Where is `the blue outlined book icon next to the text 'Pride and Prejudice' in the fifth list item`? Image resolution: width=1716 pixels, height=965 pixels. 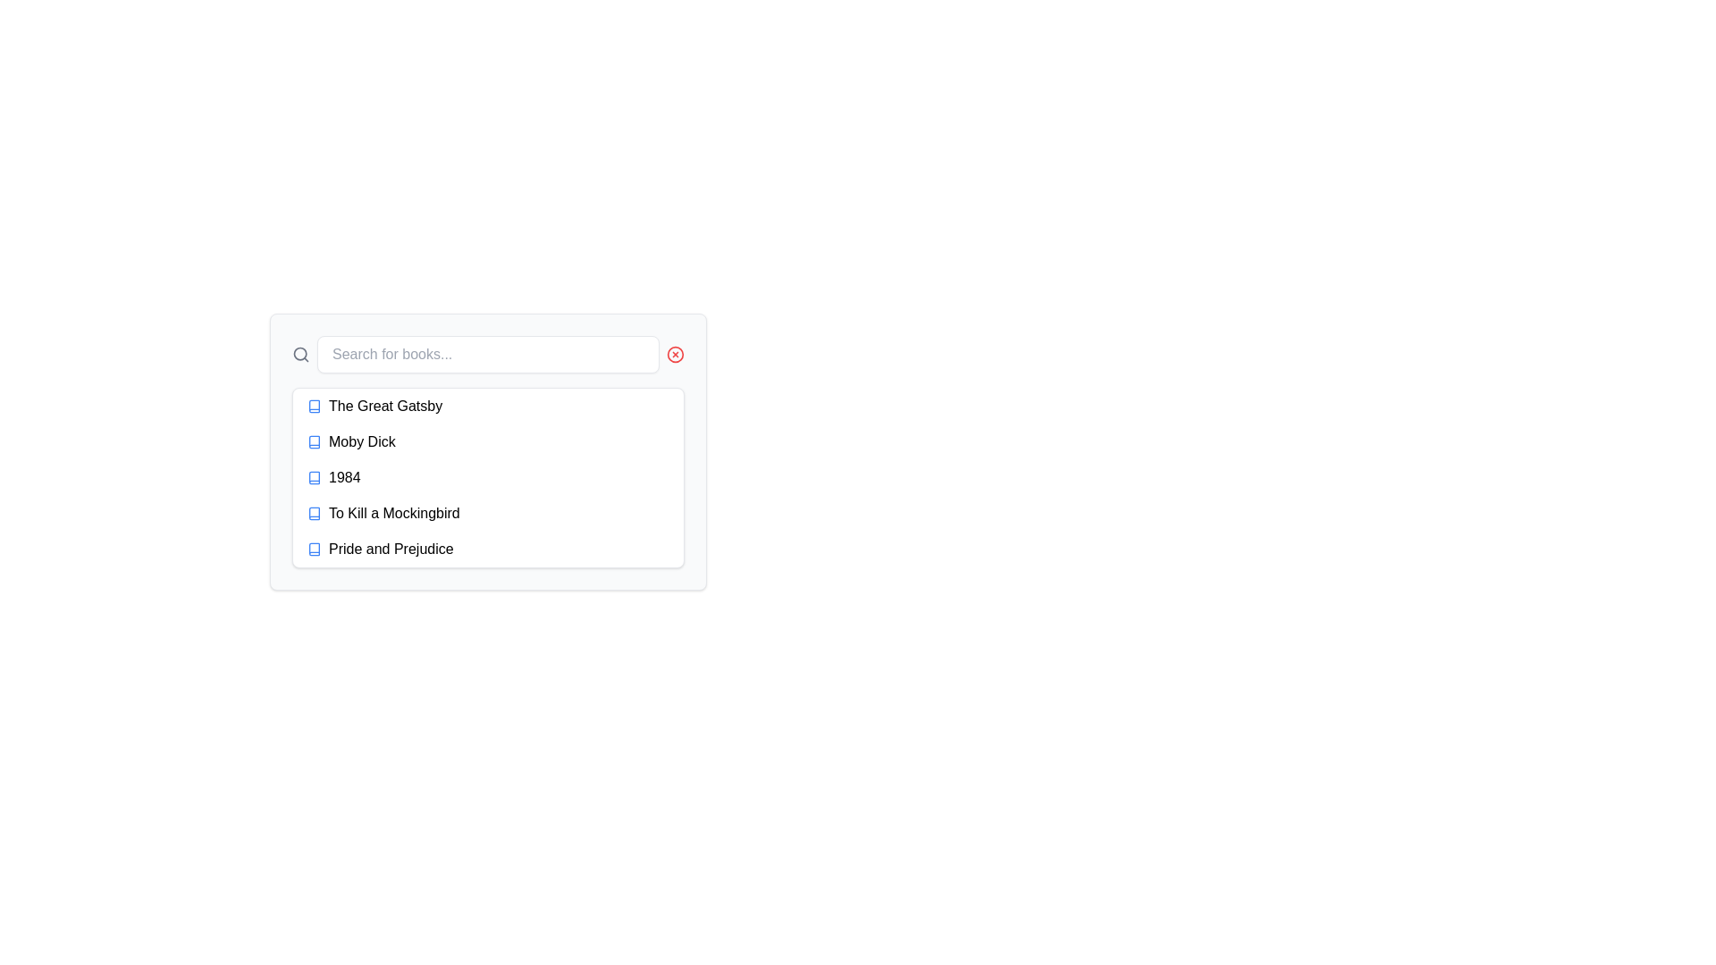
the blue outlined book icon next to the text 'Pride and Prejudice' in the fifth list item is located at coordinates (314, 548).